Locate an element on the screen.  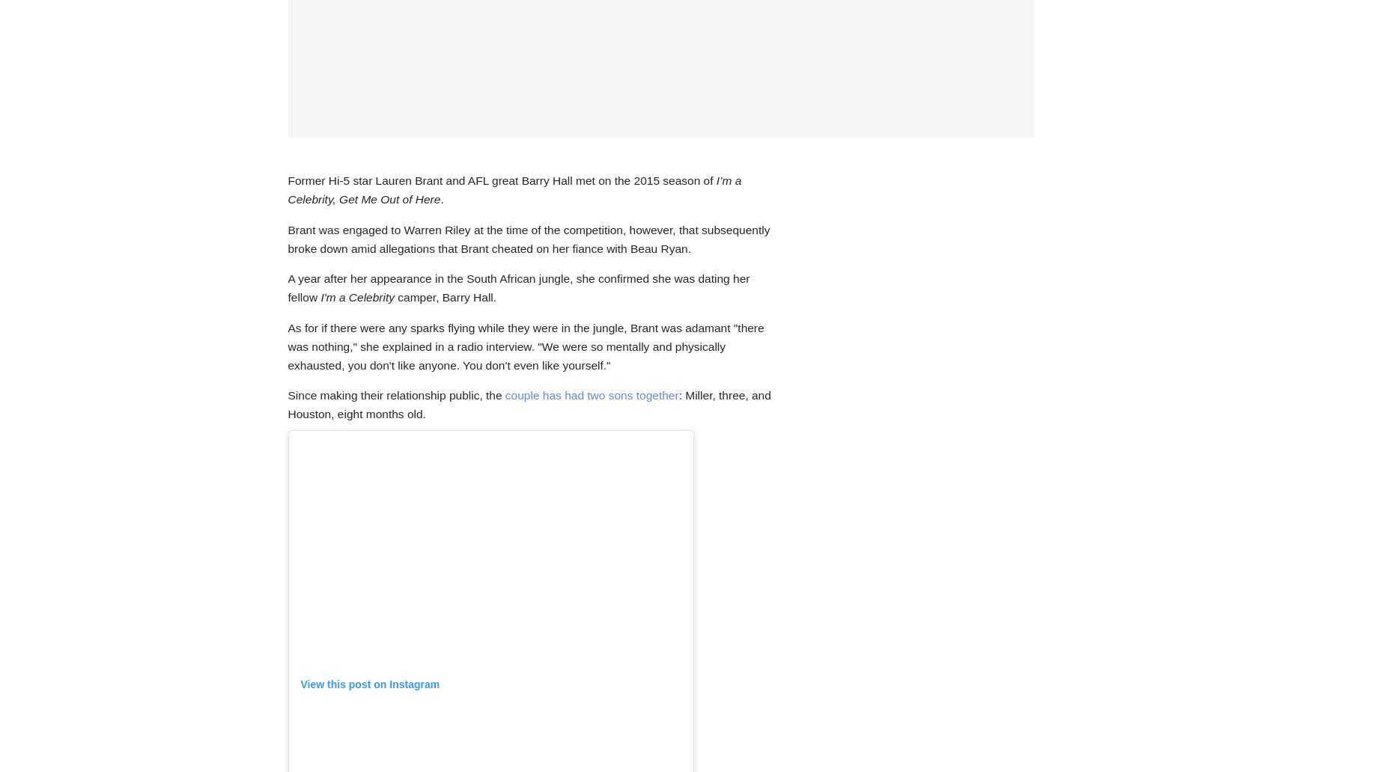
'Brant was engaged to Warren Riley at the time of the competition, however, that subsequently broke down amid allegations that Brant cheated on her fiance with Beau Ryan.' is located at coordinates (528, 238).